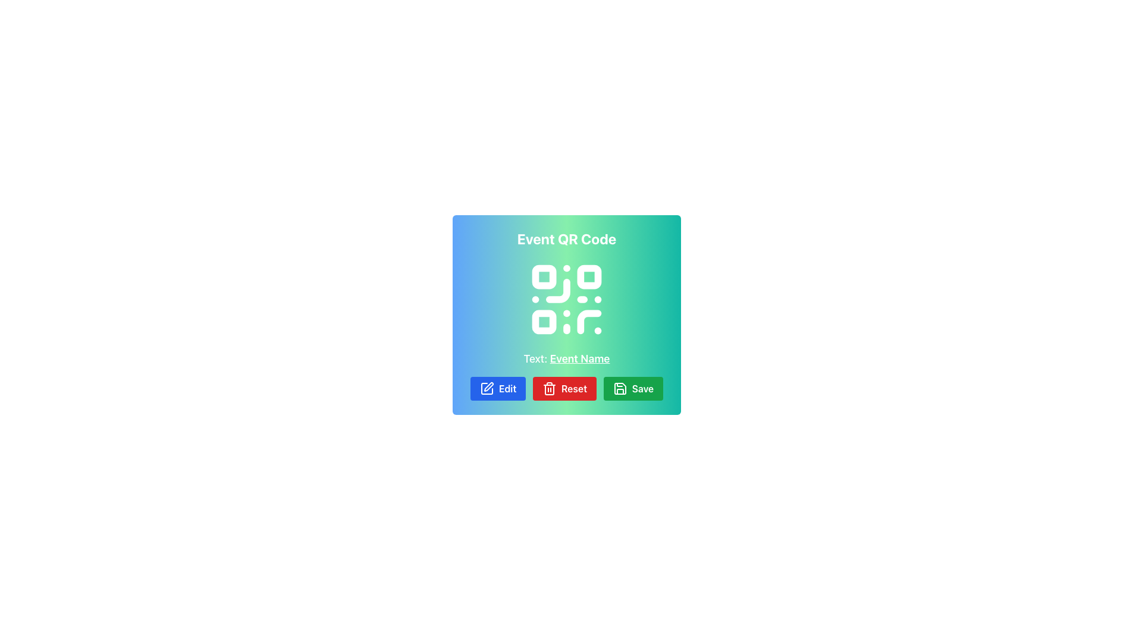  What do you see at coordinates (566, 389) in the screenshot?
I see `the specific button in the group of buttons located at the bottom of the event details card, just below the text 'Text: Event Name'` at bounding box center [566, 389].